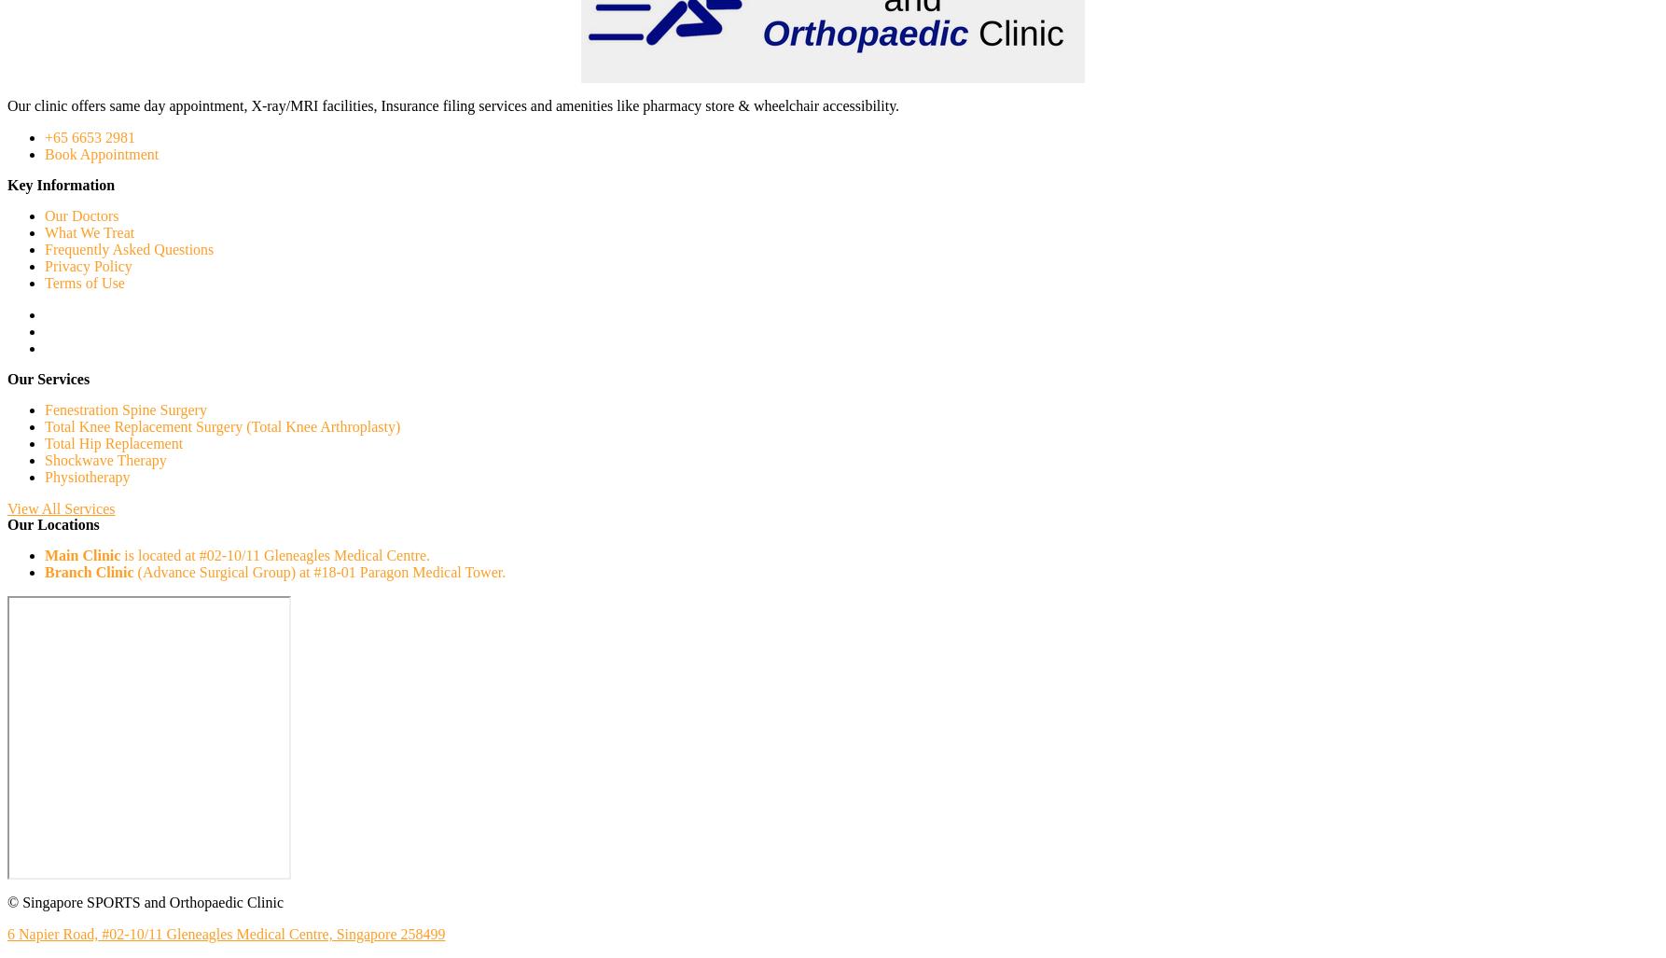 This screenshot has width=1666, height=958. What do you see at coordinates (7, 507) in the screenshot?
I see `'View All Services'` at bounding box center [7, 507].